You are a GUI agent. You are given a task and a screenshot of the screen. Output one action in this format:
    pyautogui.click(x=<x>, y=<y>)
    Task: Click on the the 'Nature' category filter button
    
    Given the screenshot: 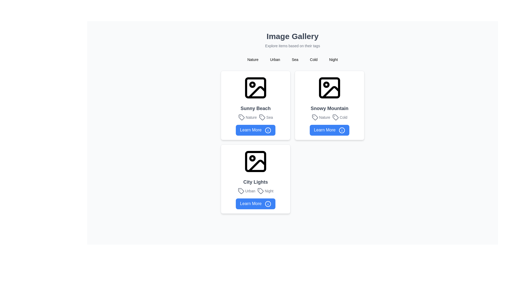 What is the action you would take?
    pyautogui.click(x=252, y=59)
    